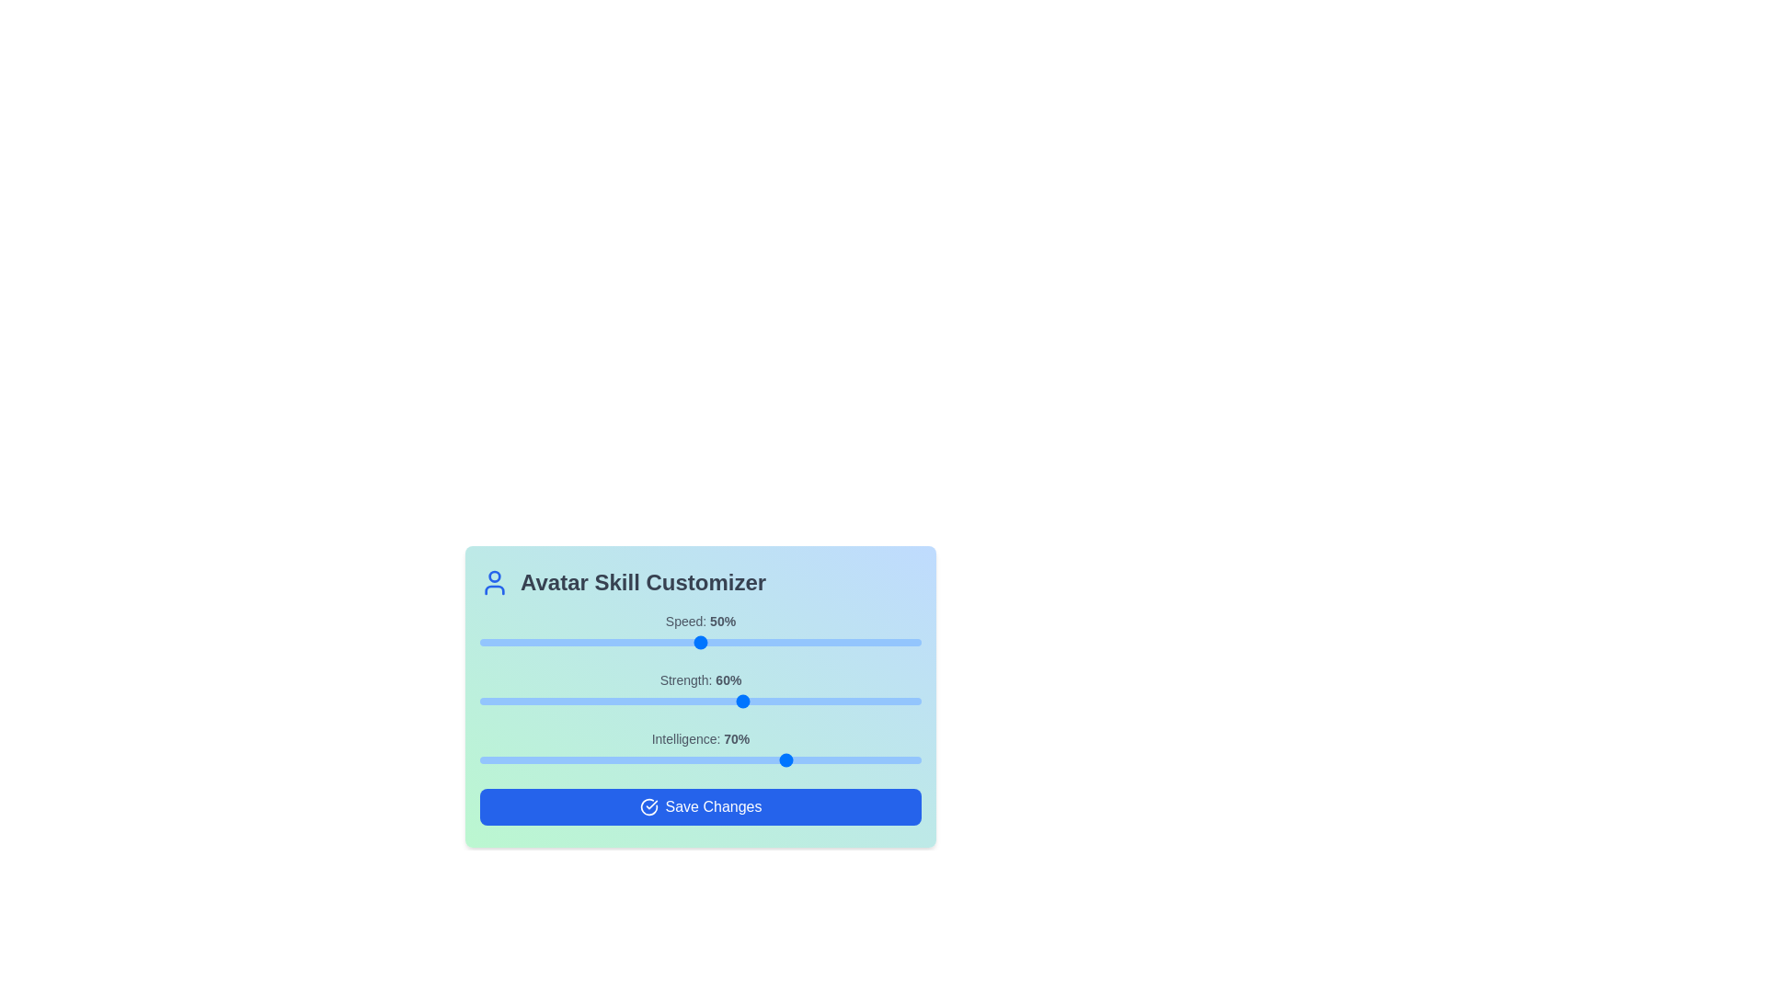  What do you see at coordinates (510, 759) in the screenshot?
I see `the slider` at bounding box center [510, 759].